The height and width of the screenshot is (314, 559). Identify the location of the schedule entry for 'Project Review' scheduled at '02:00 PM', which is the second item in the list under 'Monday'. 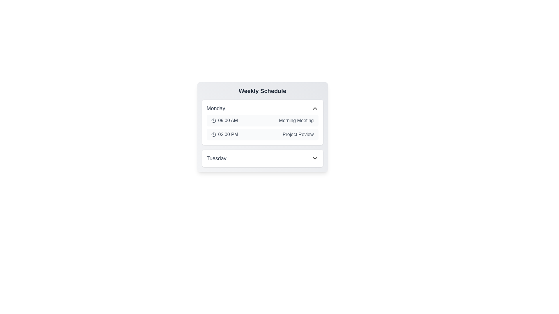
(262, 134).